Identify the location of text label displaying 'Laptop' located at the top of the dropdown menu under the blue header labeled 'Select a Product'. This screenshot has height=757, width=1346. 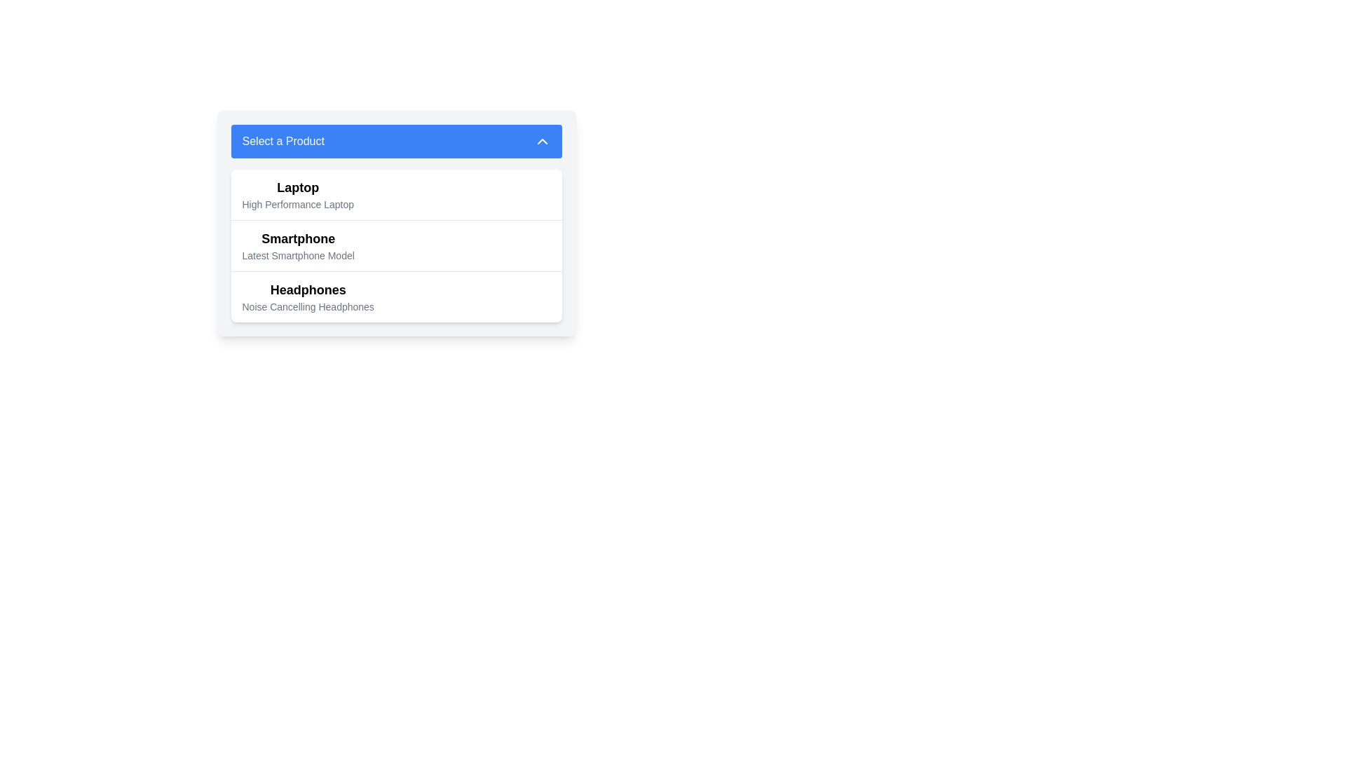
(297, 186).